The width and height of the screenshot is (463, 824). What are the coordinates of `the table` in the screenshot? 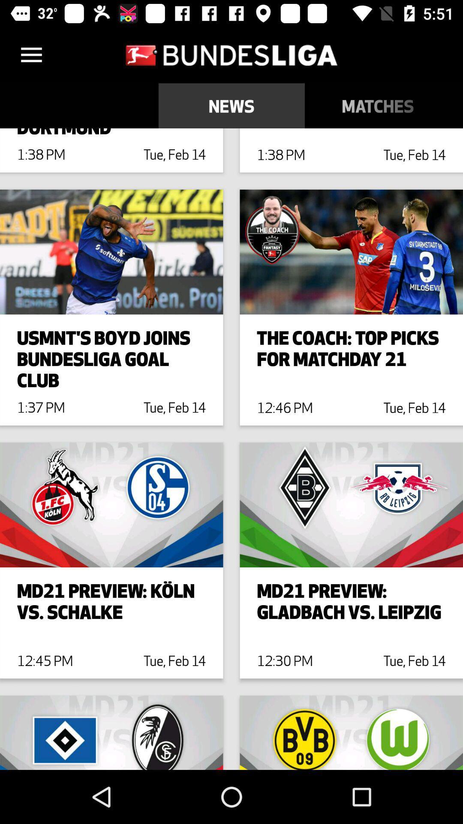 It's located at (457, 105).